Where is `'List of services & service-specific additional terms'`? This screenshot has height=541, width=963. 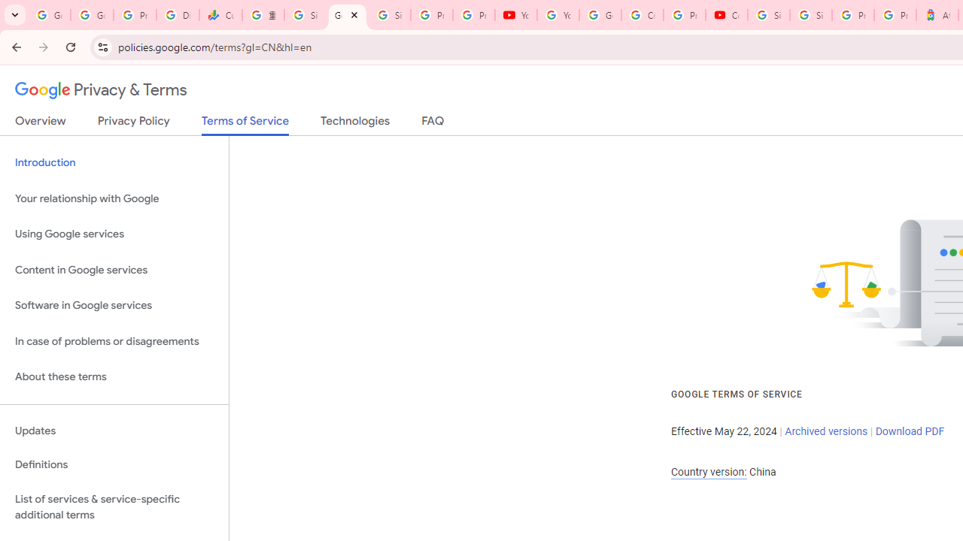 'List of services & service-specific additional terms' is located at coordinates (114, 507).